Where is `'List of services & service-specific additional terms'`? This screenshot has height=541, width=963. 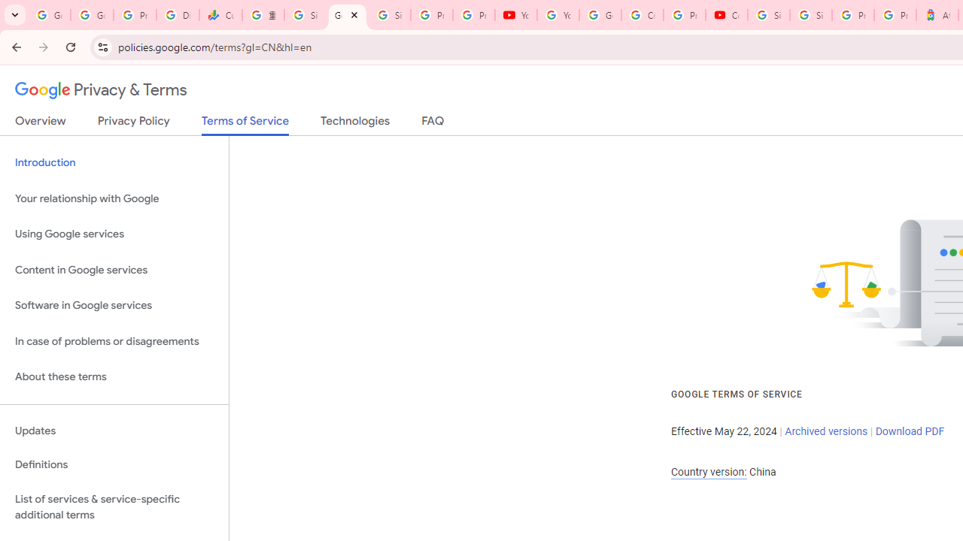 'List of services & service-specific additional terms' is located at coordinates (114, 507).